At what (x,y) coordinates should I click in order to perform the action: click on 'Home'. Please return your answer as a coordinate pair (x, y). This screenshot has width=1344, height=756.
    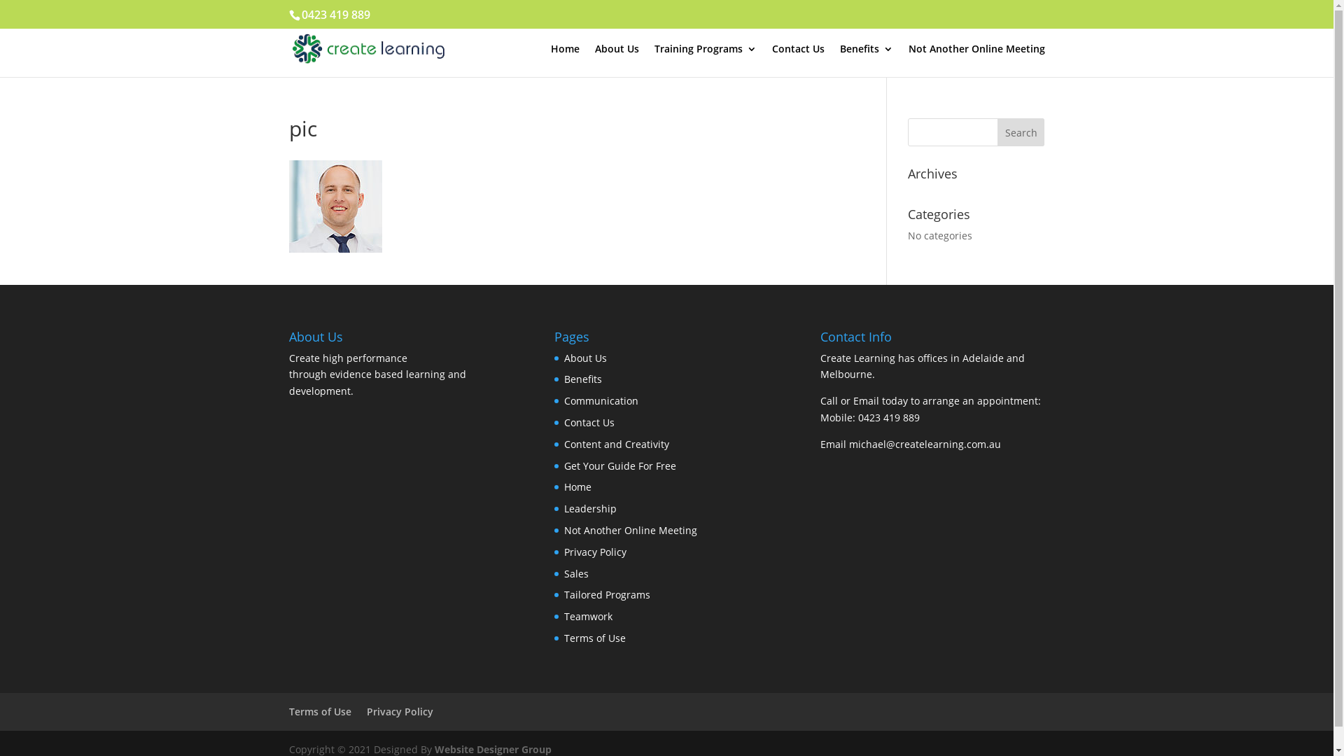
    Looking at the image, I should click on (577, 486).